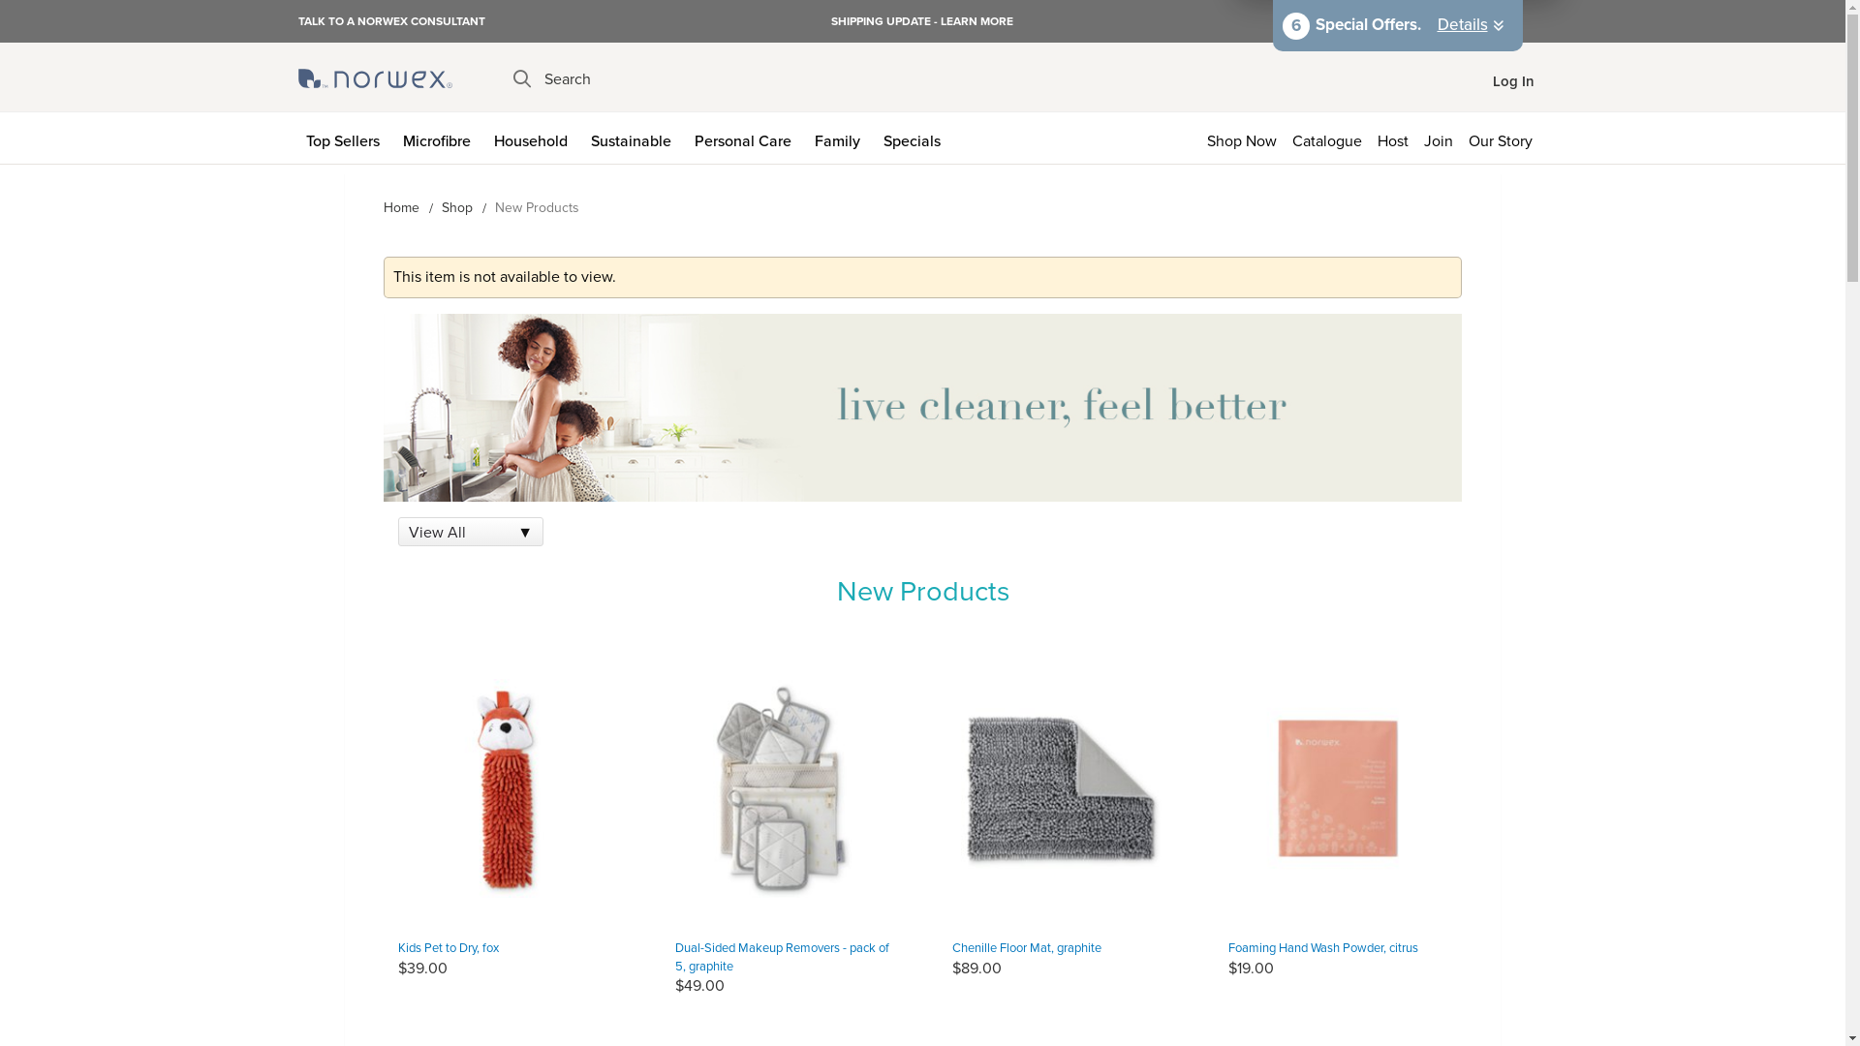  What do you see at coordinates (920, 21) in the screenshot?
I see `'SHIPPING UPDATE - LEARN MORE'` at bounding box center [920, 21].